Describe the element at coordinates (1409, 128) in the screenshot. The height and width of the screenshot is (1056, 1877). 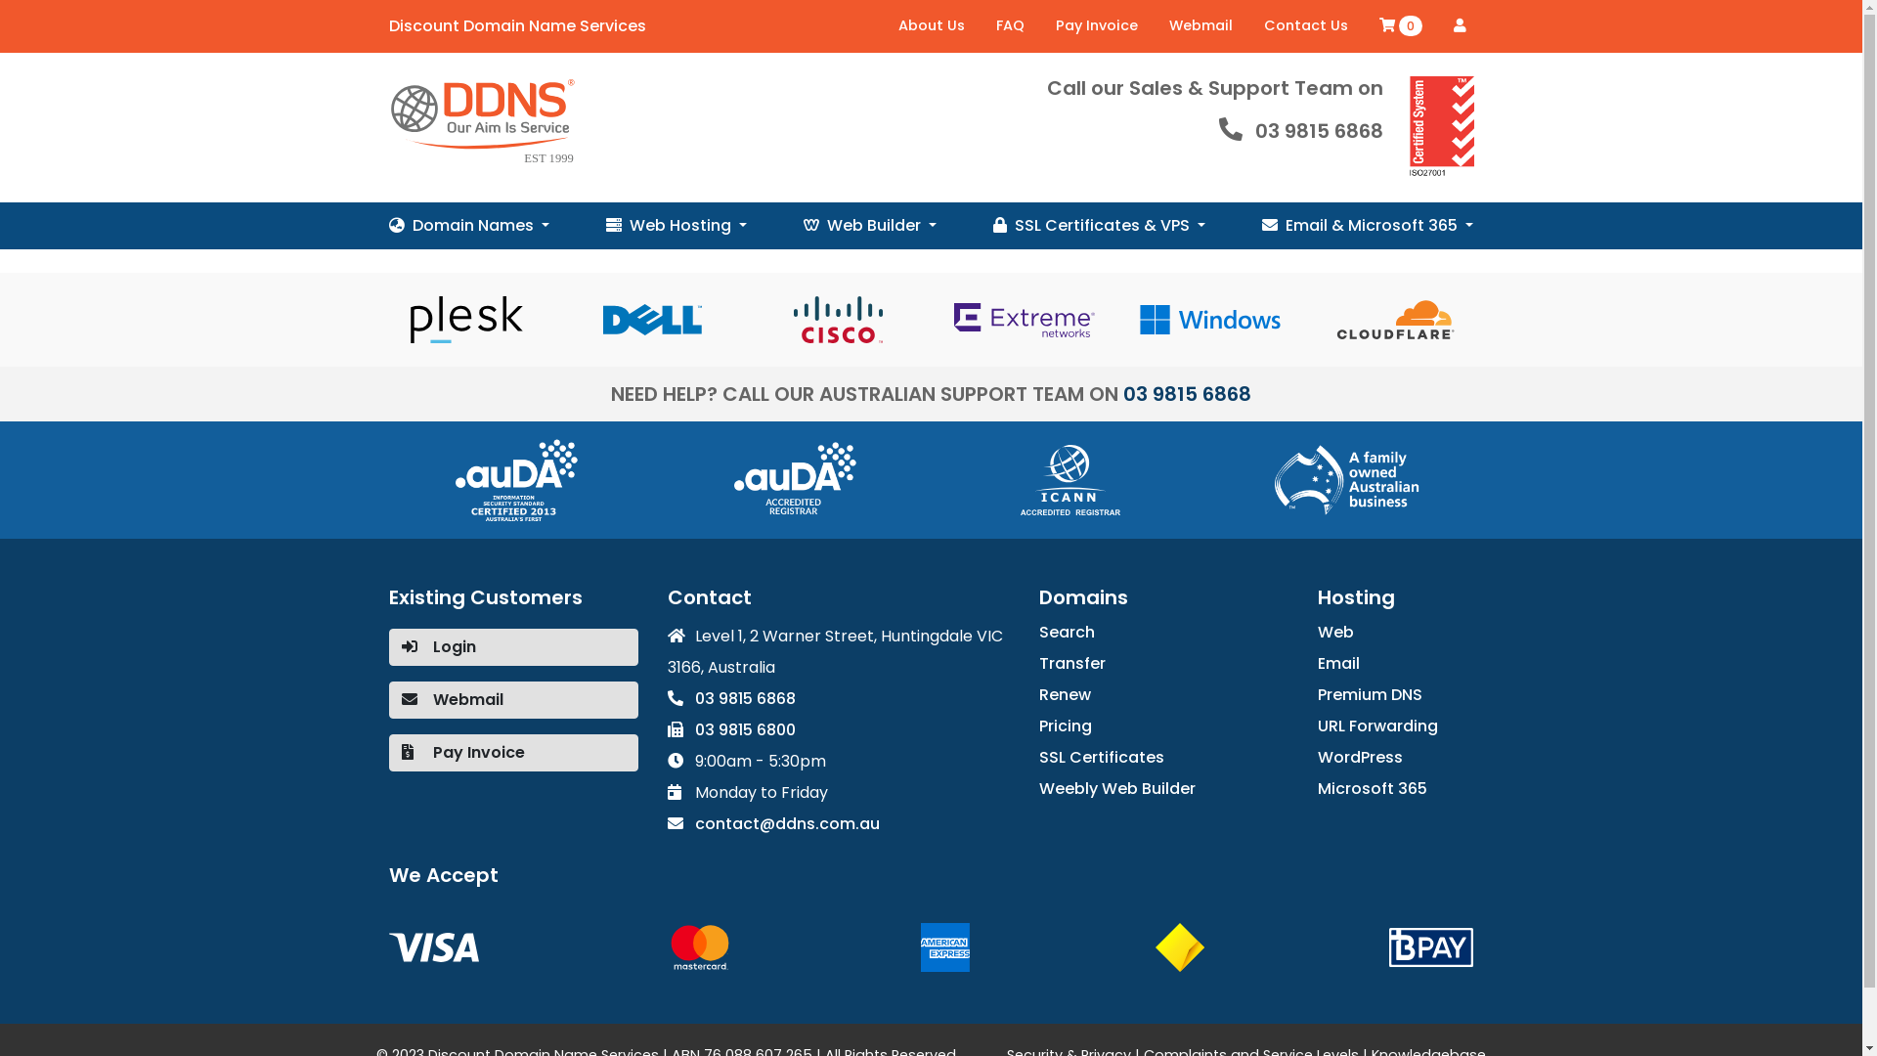
I see `'ISO27001 Data Security Certified'` at that location.